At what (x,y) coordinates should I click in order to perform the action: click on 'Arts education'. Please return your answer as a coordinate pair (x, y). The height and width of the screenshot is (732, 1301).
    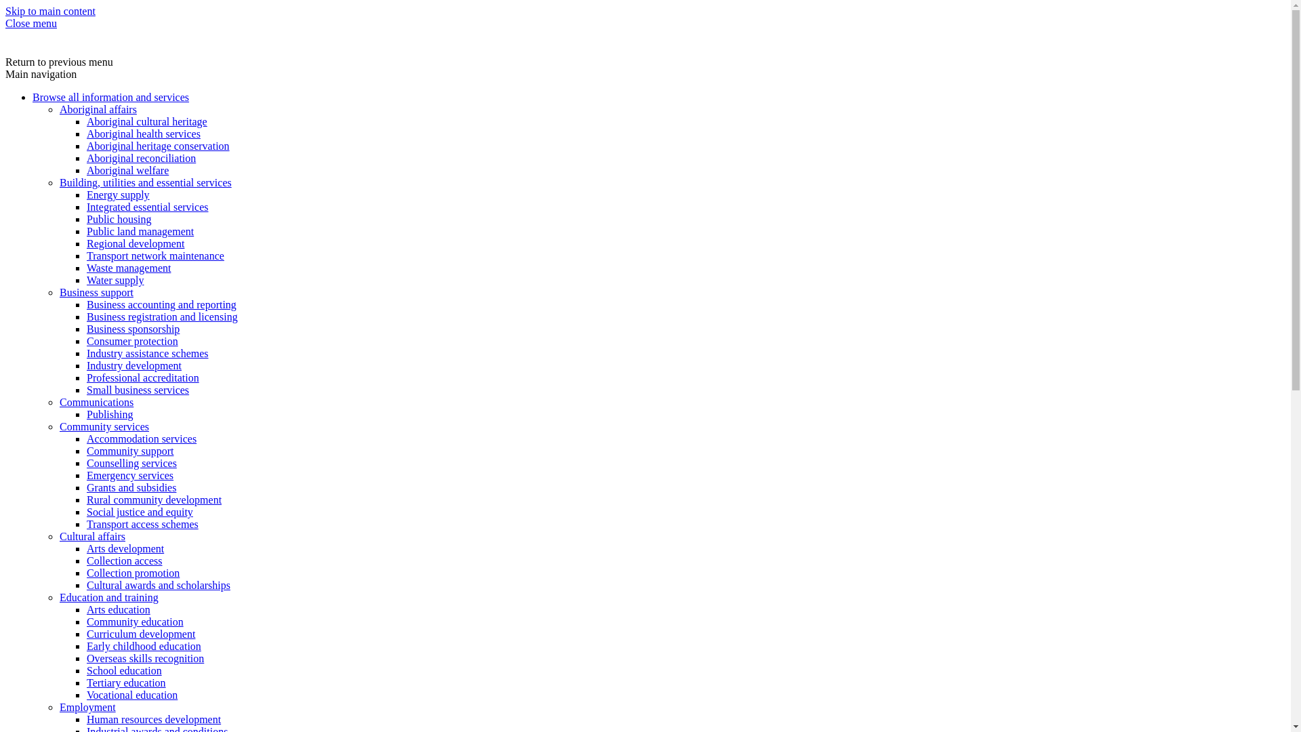
    Looking at the image, I should click on (86, 609).